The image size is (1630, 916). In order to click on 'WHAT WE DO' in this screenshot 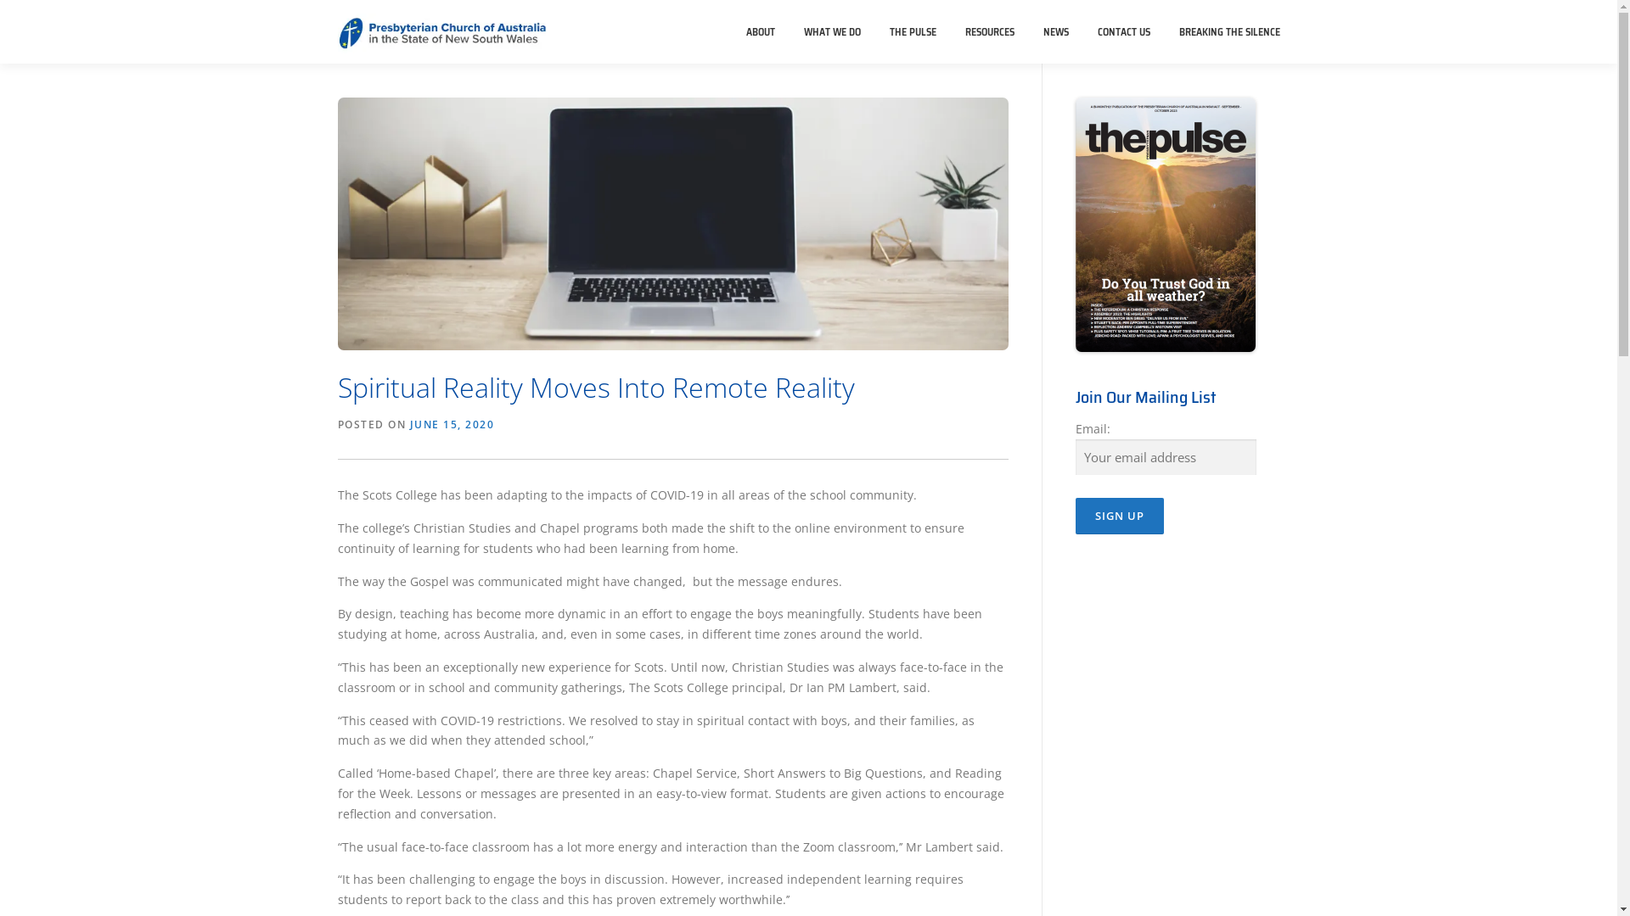, I will do `click(832, 31)`.